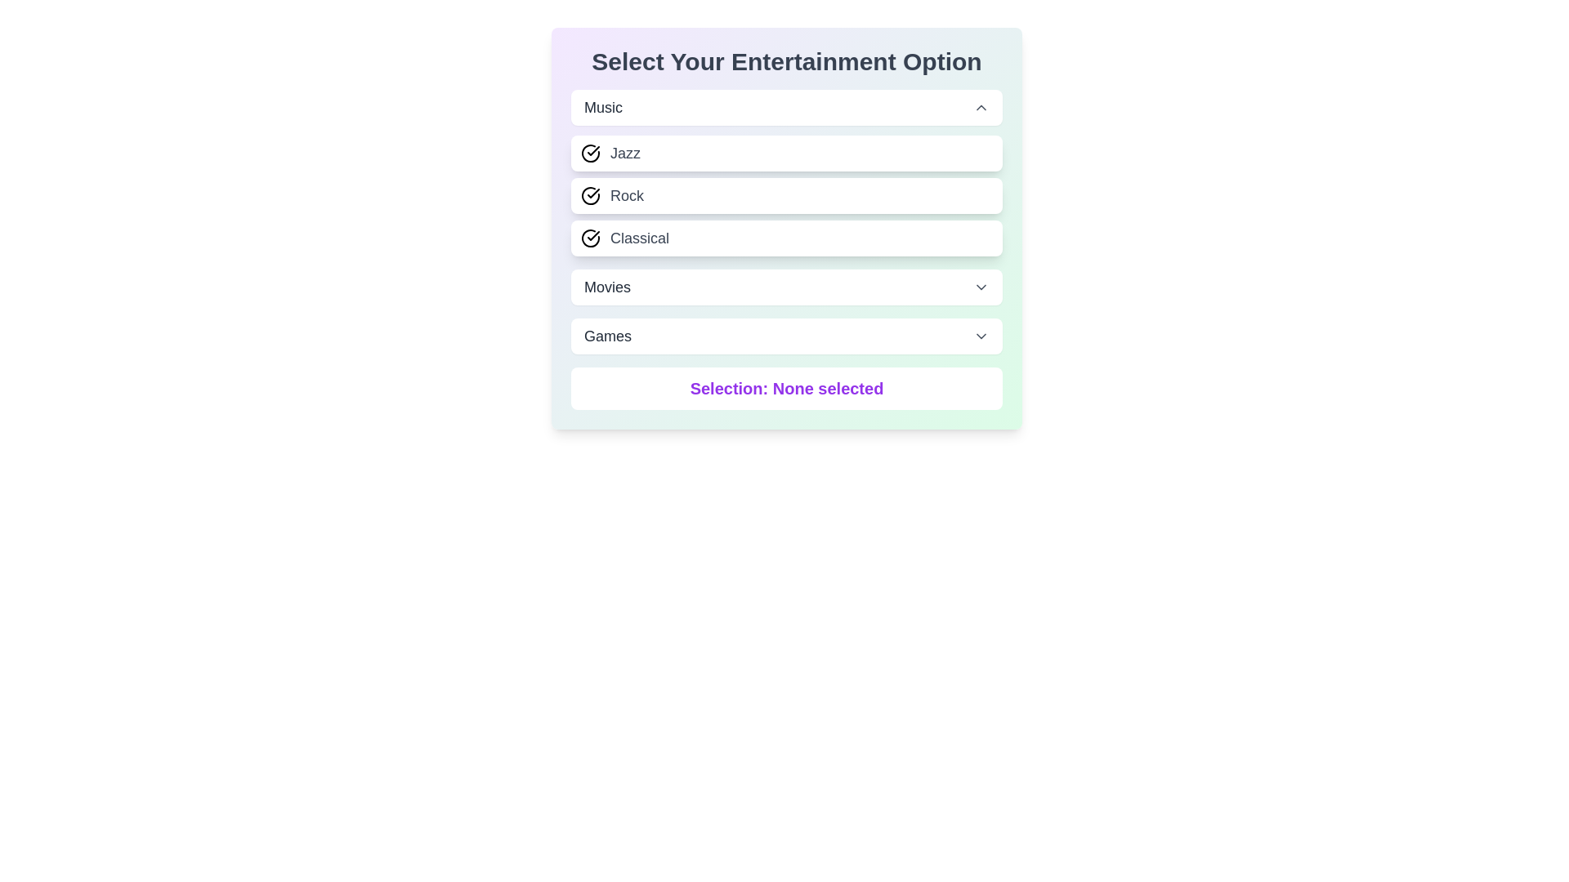  What do you see at coordinates (590, 238) in the screenshot?
I see `the circular icon with a check mark located to the left of the 'Classical' radio button` at bounding box center [590, 238].